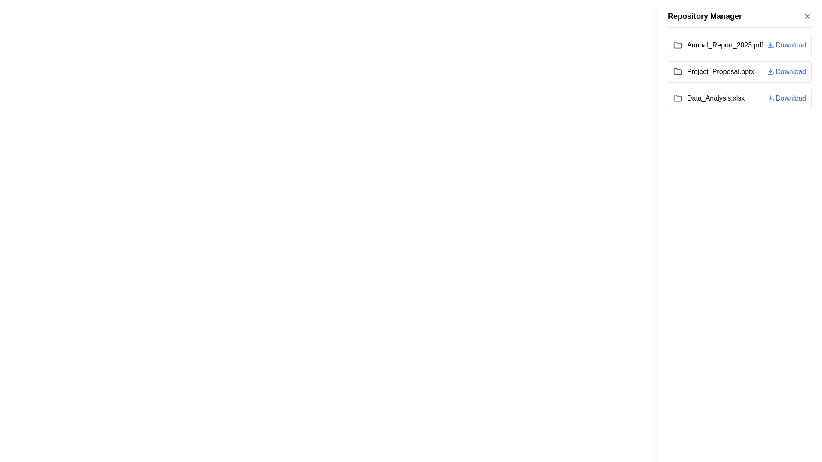 This screenshot has height=462, width=822. Describe the element at coordinates (786, 45) in the screenshot. I see `the download button for the file 'Annual_Report_2023.pdf' to initiate the download` at that location.